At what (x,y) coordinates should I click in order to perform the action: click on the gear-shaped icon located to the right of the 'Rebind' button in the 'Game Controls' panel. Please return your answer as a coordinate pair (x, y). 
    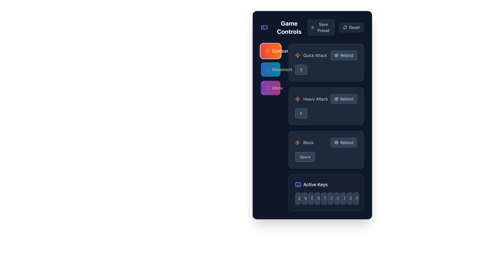
    Looking at the image, I should click on (336, 99).